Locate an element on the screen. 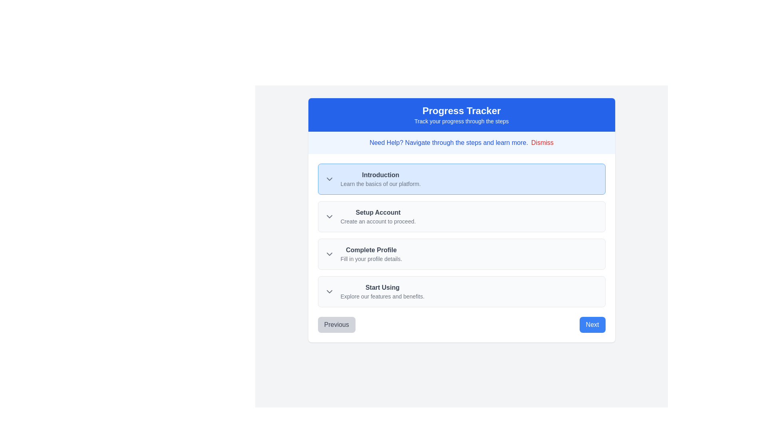  the 'Start Using' text label element, which is in bold dark gray on a white background, located beneath the 'Progress Tracker' header and above the 'Explore our features and benefits.' text is located at coordinates (382, 288).